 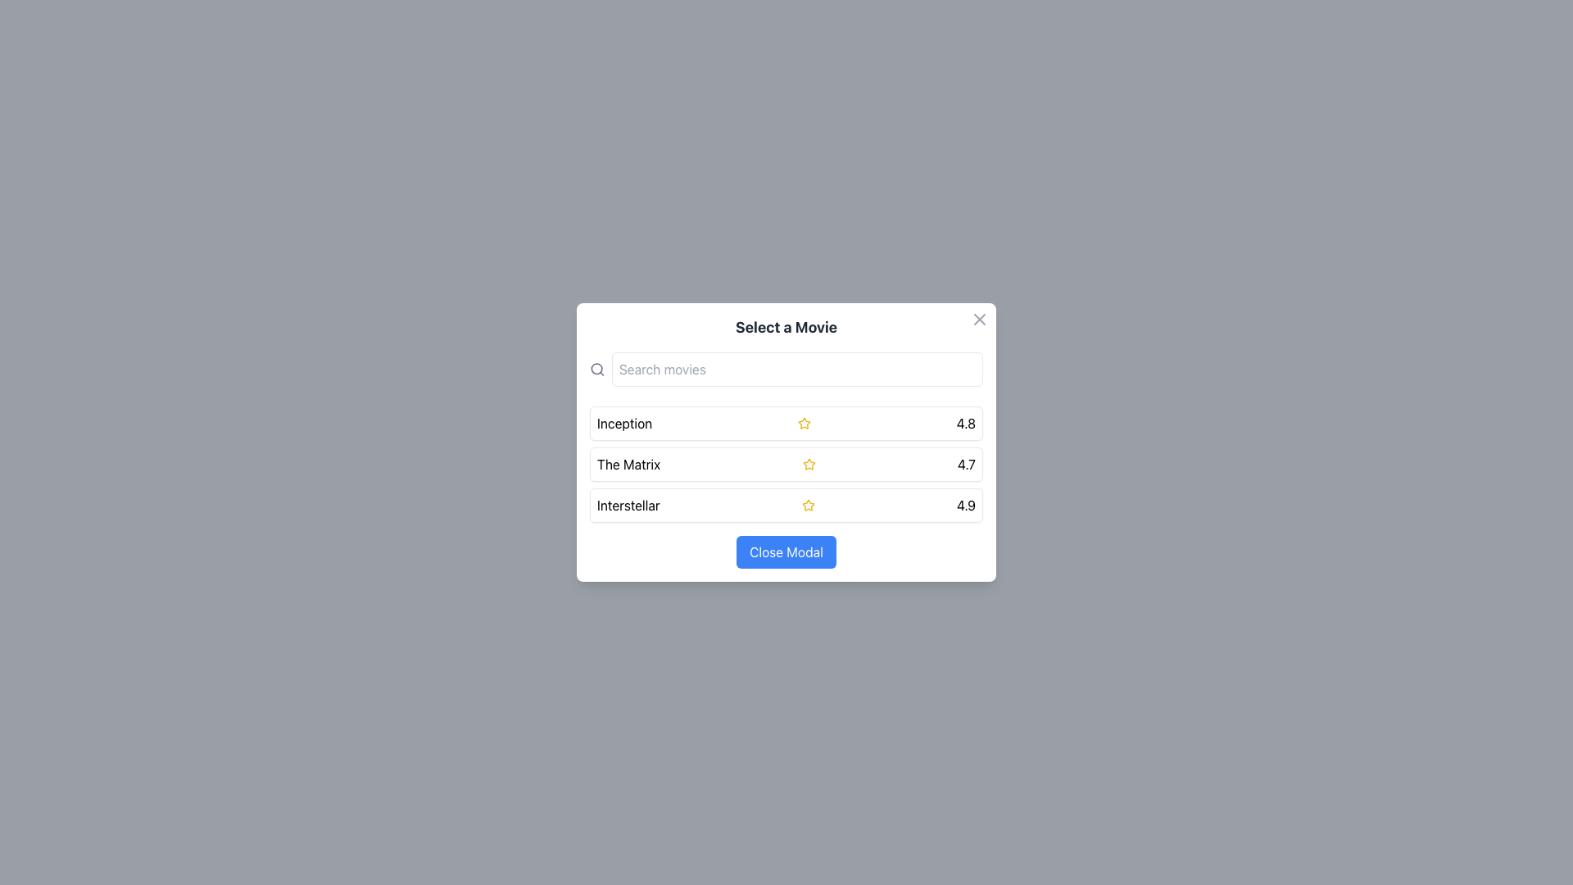 What do you see at coordinates (809, 464) in the screenshot?
I see `the rating icon next to 'The Matrix'` at bounding box center [809, 464].